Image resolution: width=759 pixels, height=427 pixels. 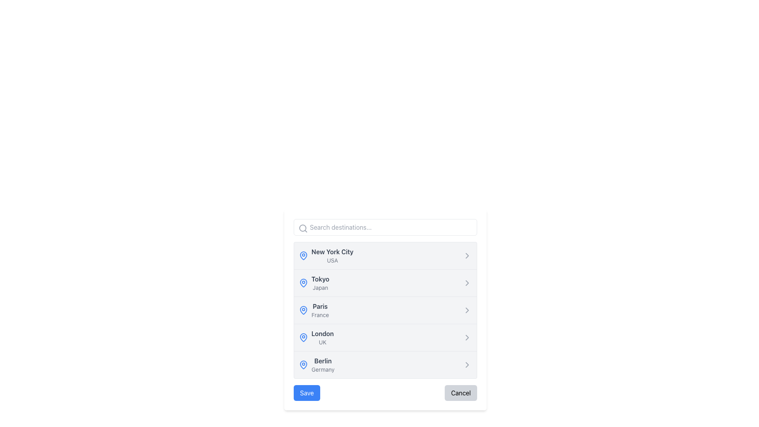 I want to click on the chevron icon on the far right edge of the row displaying 'Paris, France', so click(x=467, y=310).